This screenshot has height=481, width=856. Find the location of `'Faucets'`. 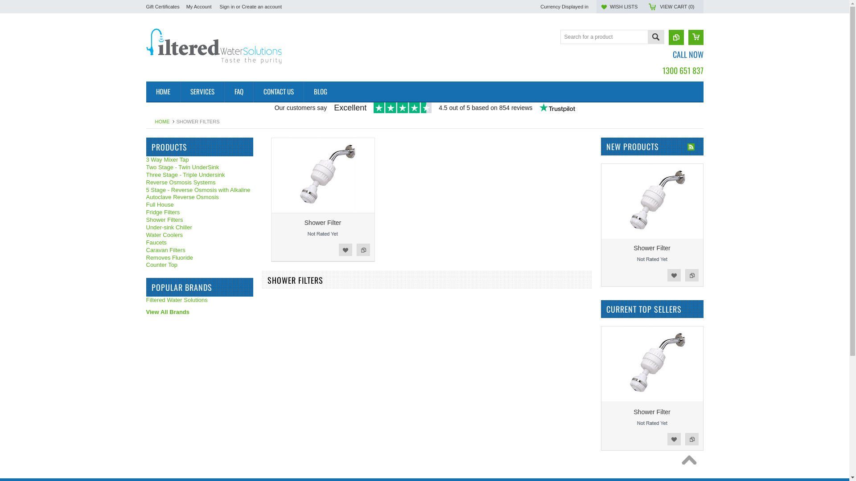

'Faucets' is located at coordinates (199, 243).